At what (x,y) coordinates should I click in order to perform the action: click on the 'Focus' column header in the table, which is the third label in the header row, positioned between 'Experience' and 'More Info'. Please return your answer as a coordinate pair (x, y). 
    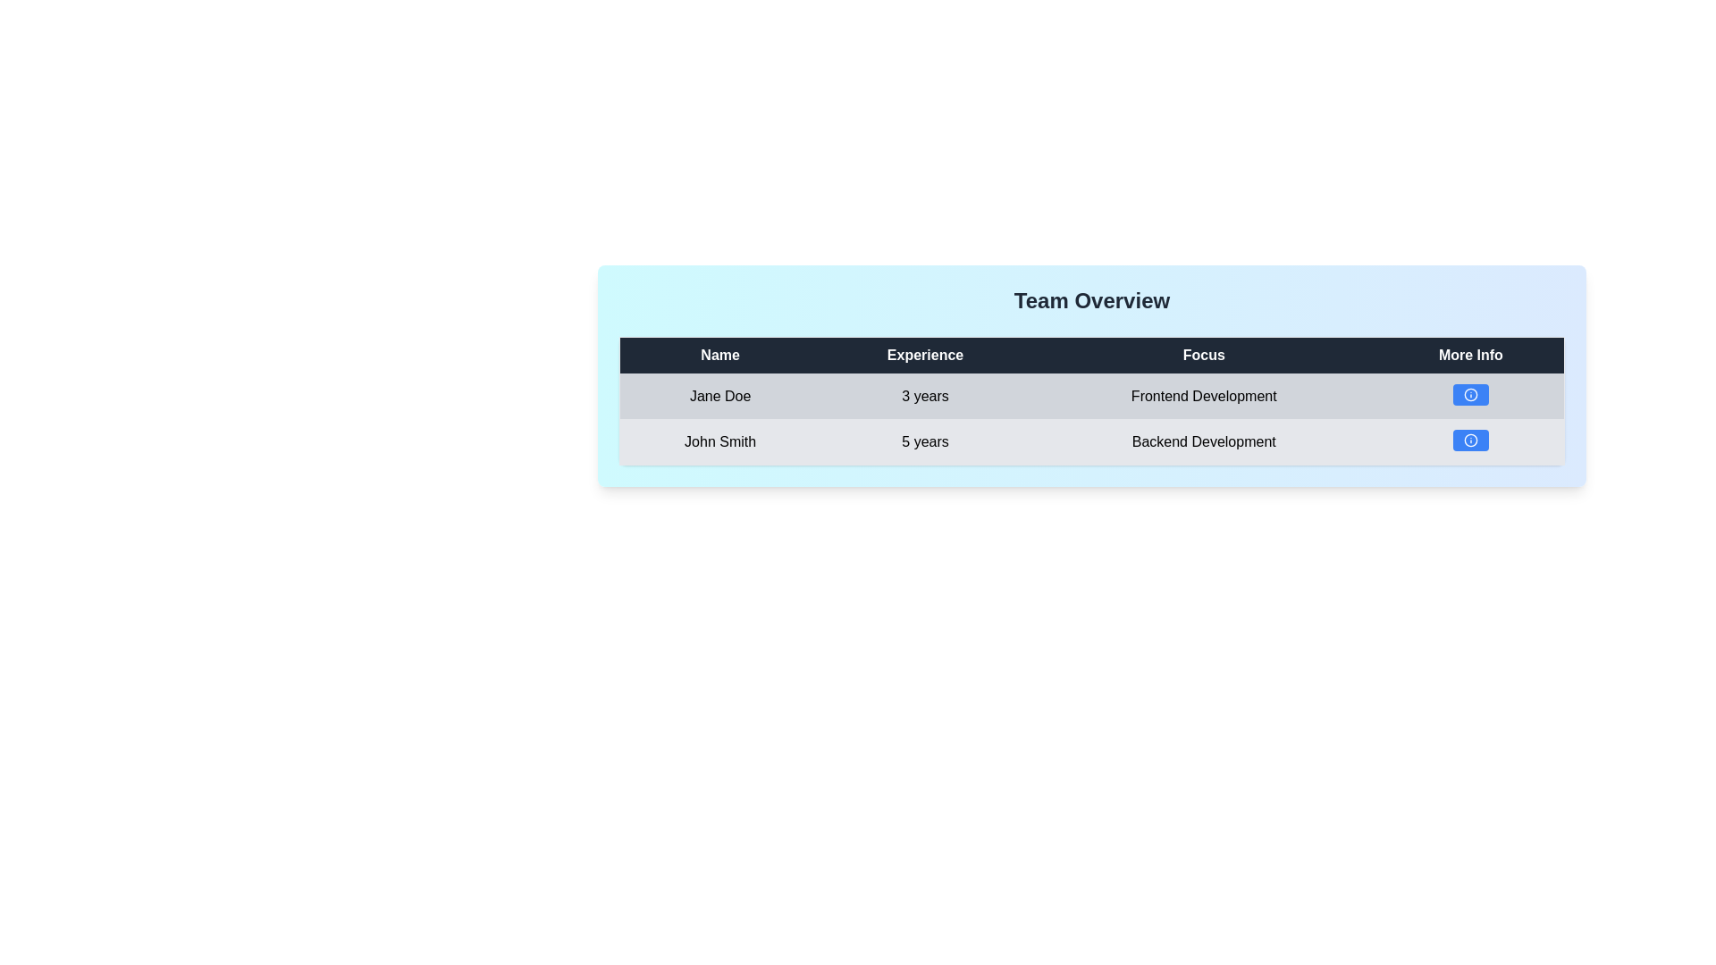
    Looking at the image, I should click on (1204, 355).